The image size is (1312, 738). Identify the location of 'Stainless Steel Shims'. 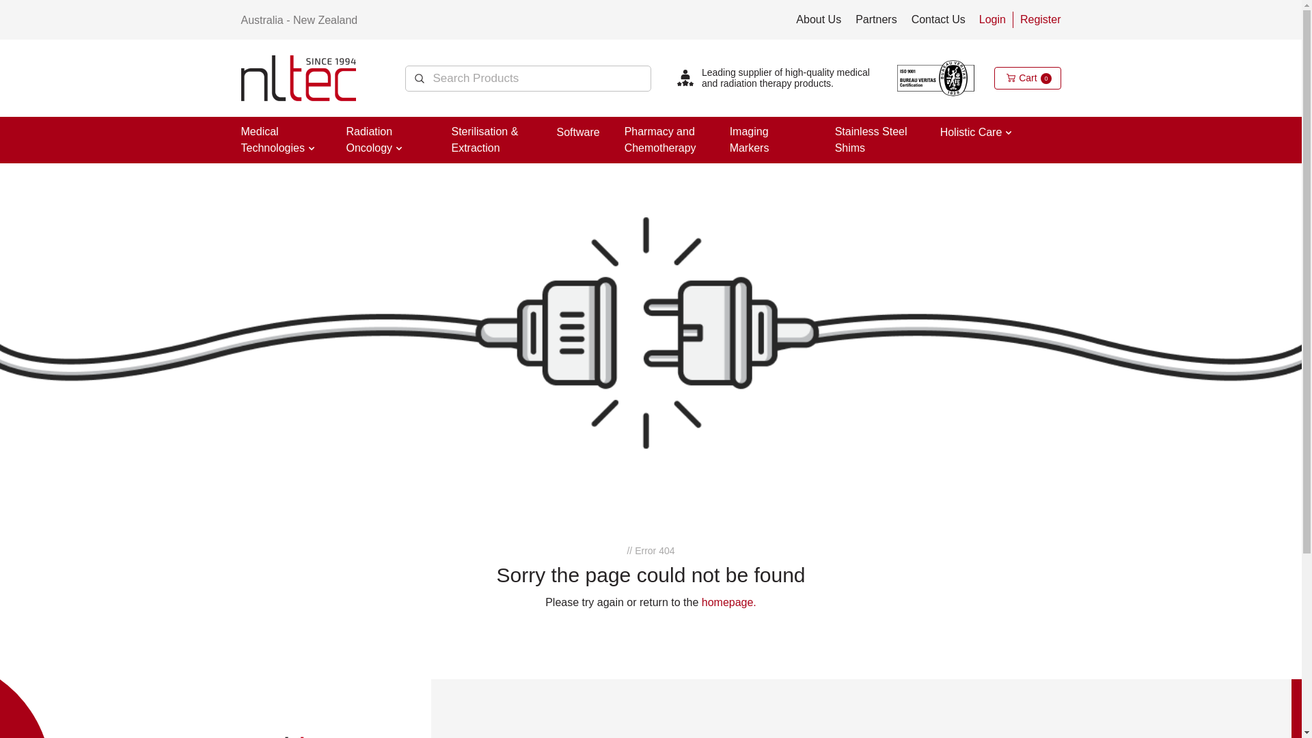
(871, 139).